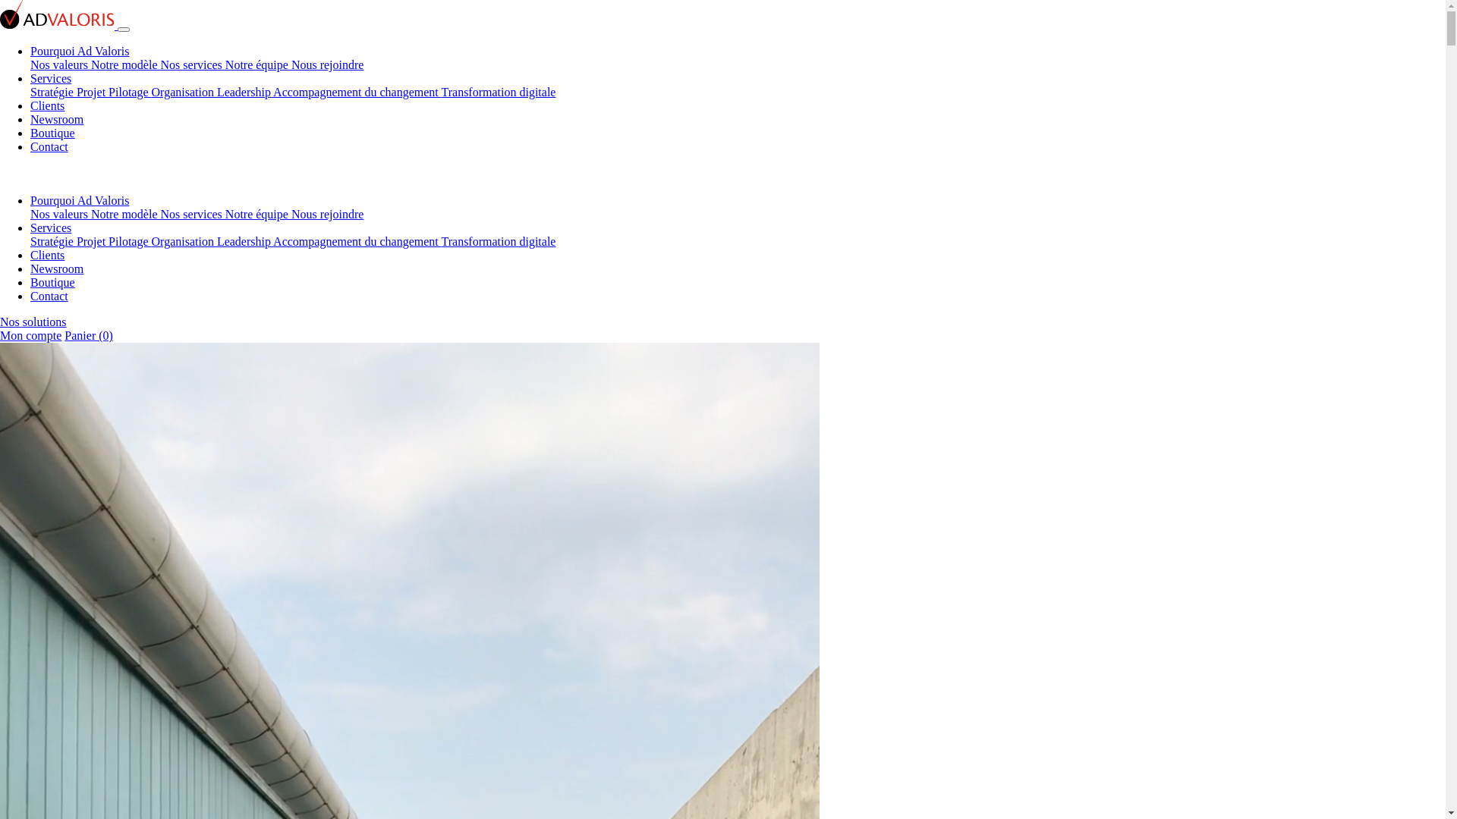 The height and width of the screenshot is (819, 1457). I want to click on 'Contact', so click(49, 146).